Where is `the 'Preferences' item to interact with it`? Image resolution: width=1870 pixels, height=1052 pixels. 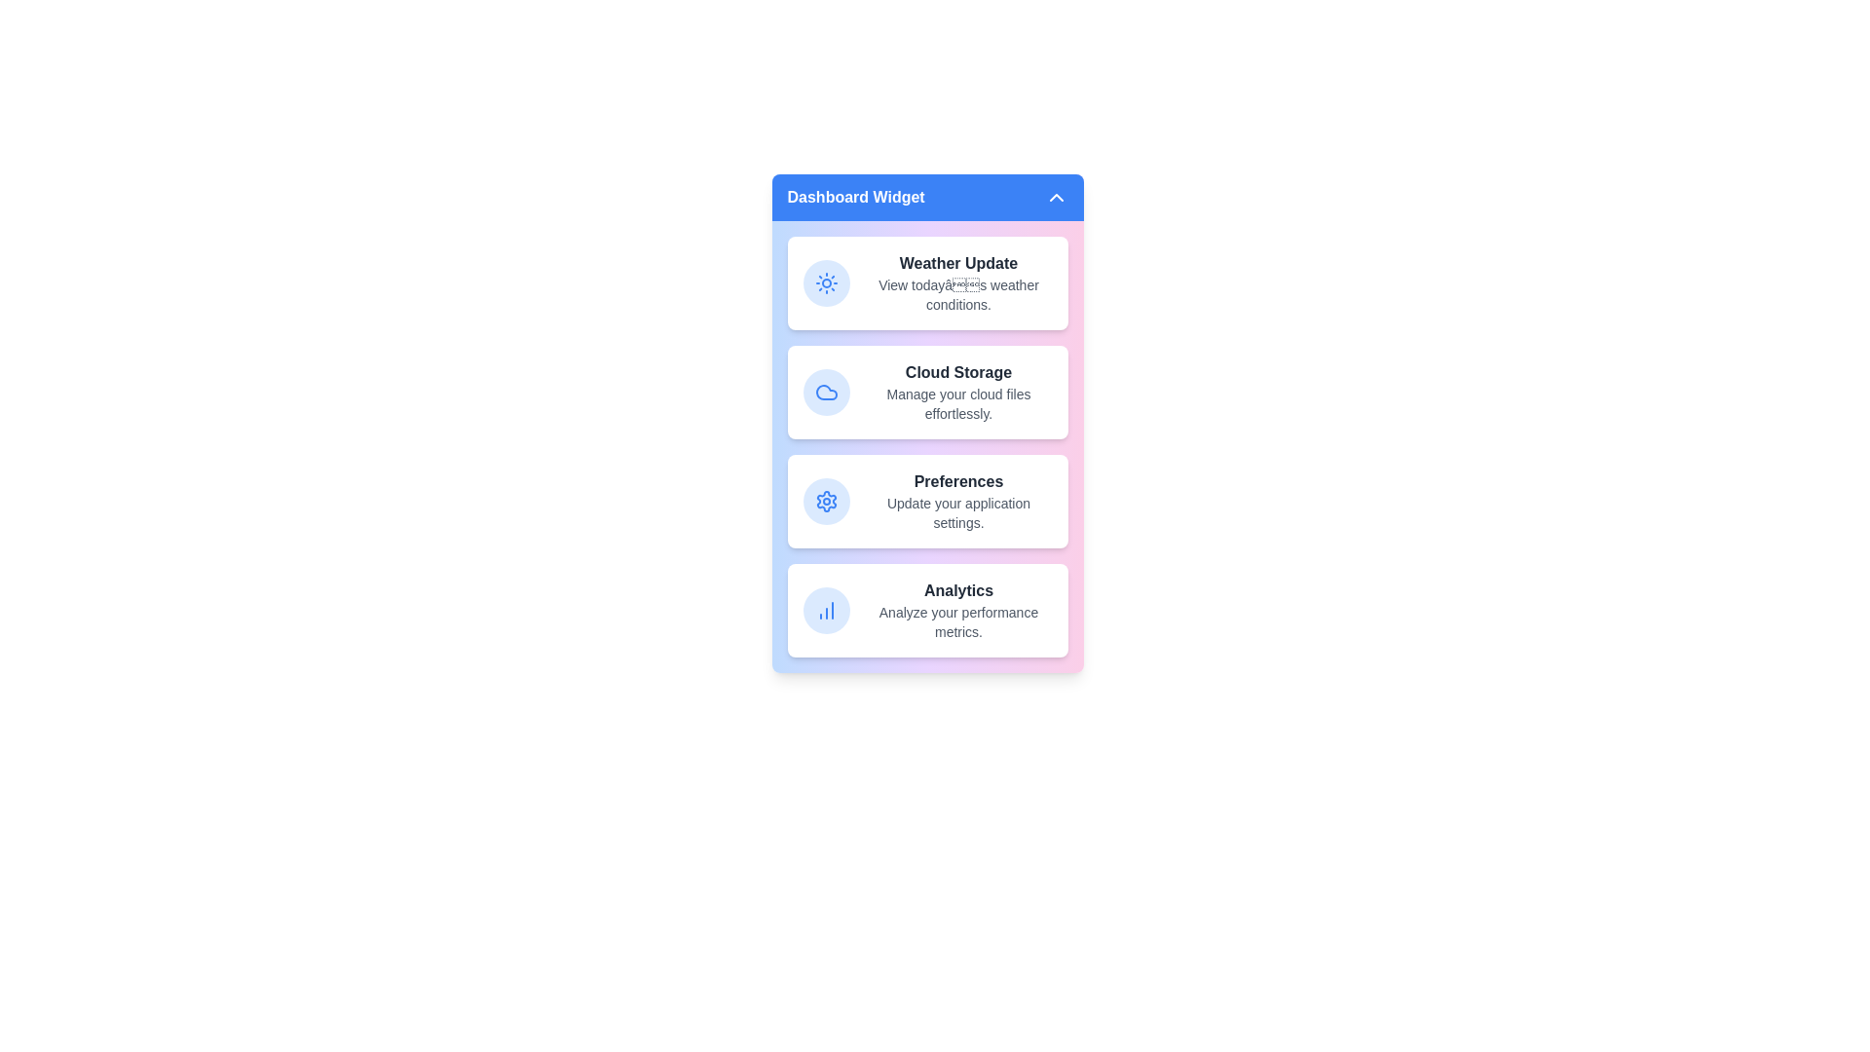 the 'Preferences' item to interact with it is located at coordinates (926, 501).